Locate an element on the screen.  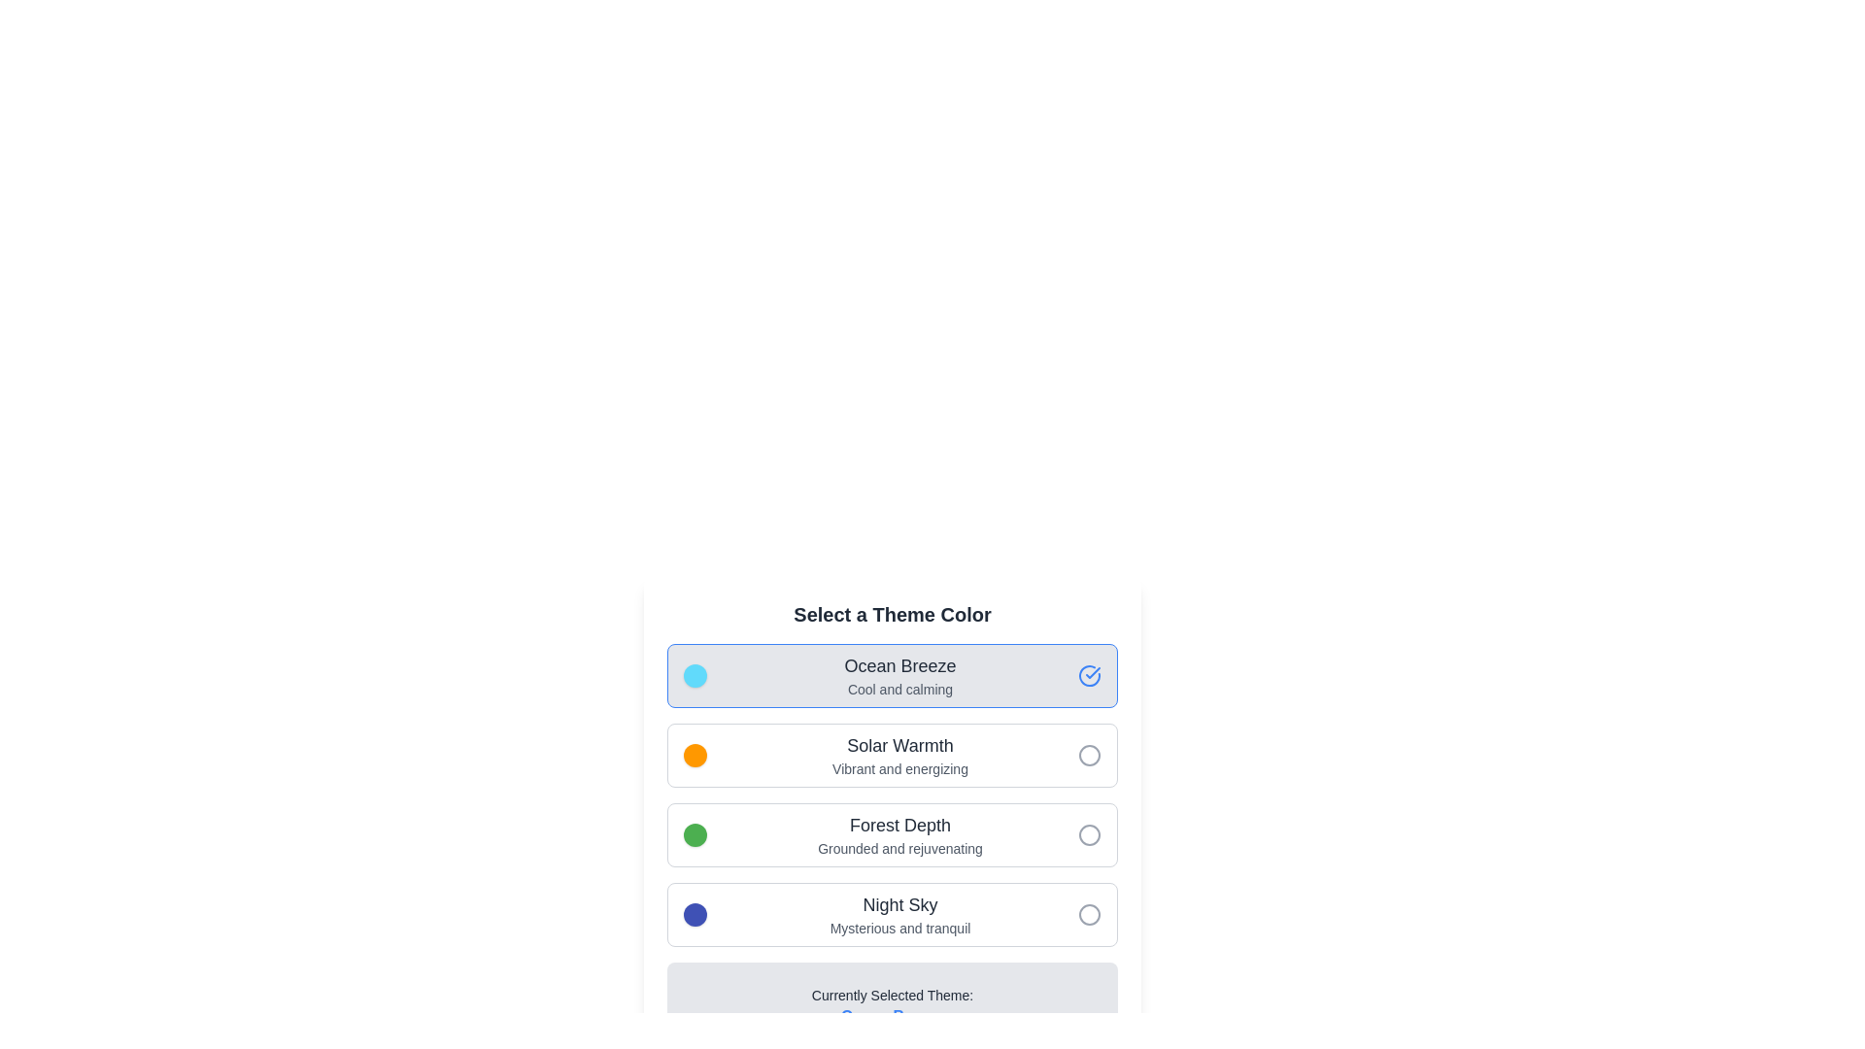
the circular selection indicator for the 'Forest Depth' theme option, which is the third item in the vertical list under 'Select a Theme Color' is located at coordinates (1090, 834).